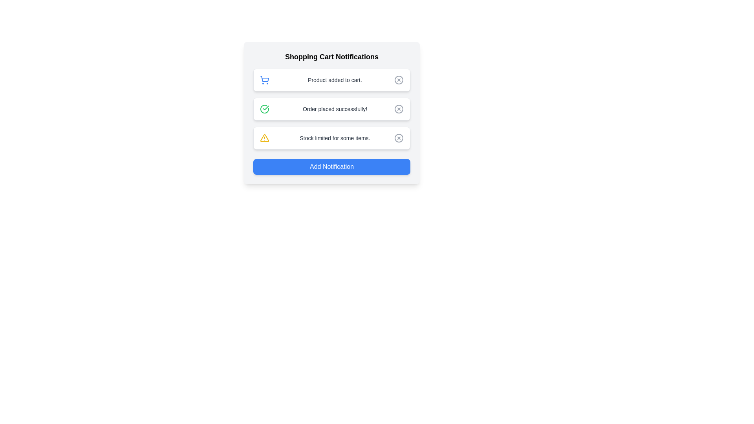 This screenshot has height=424, width=754. I want to click on the Notification toast that informs the user a product has been successfully added to the shopping cart, positioned under 'Shopping Cart Notifications', so click(331, 80).